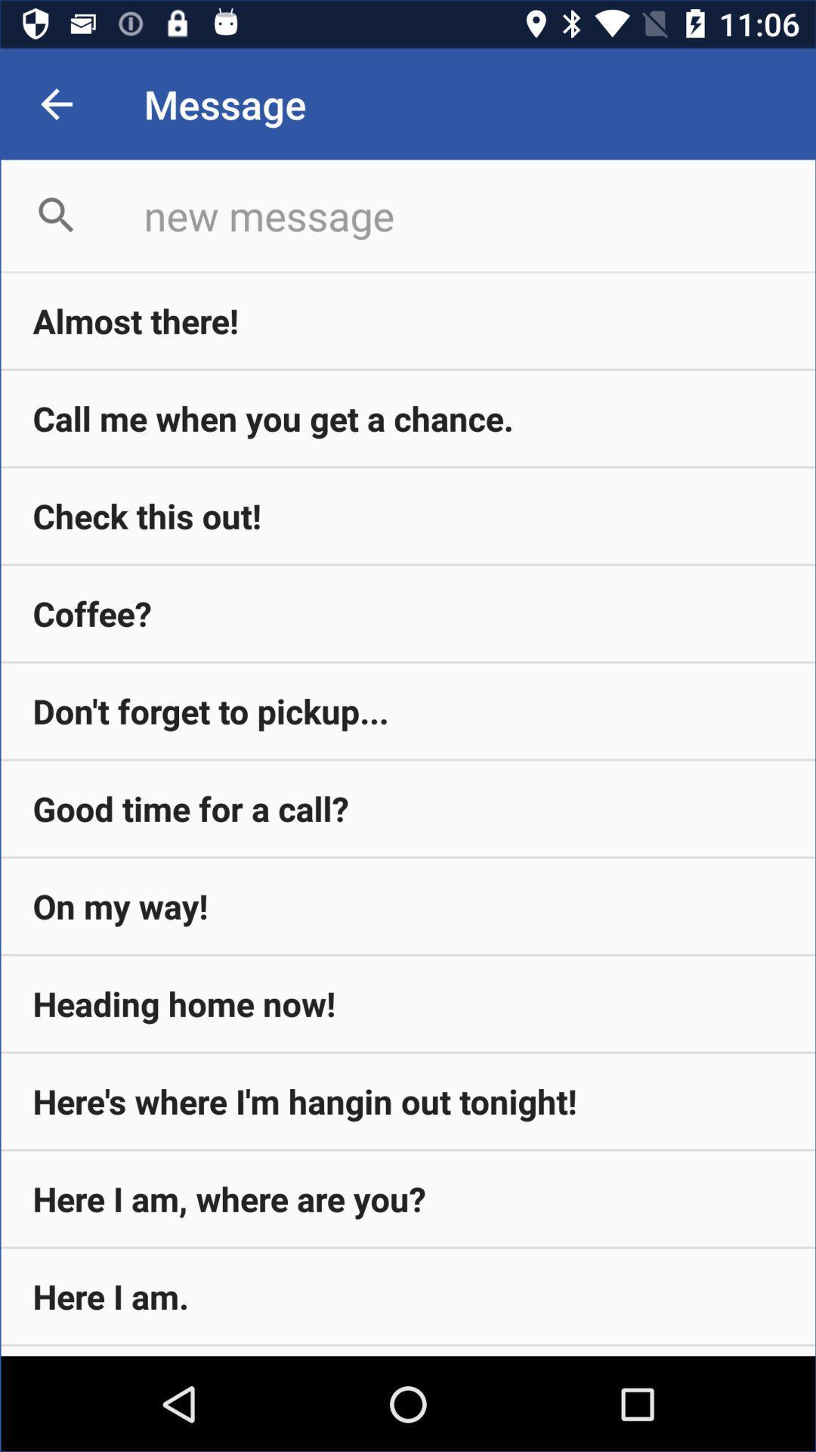 Image resolution: width=816 pixels, height=1452 pixels. What do you see at coordinates (408, 1101) in the screenshot?
I see `the here s where icon` at bounding box center [408, 1101].